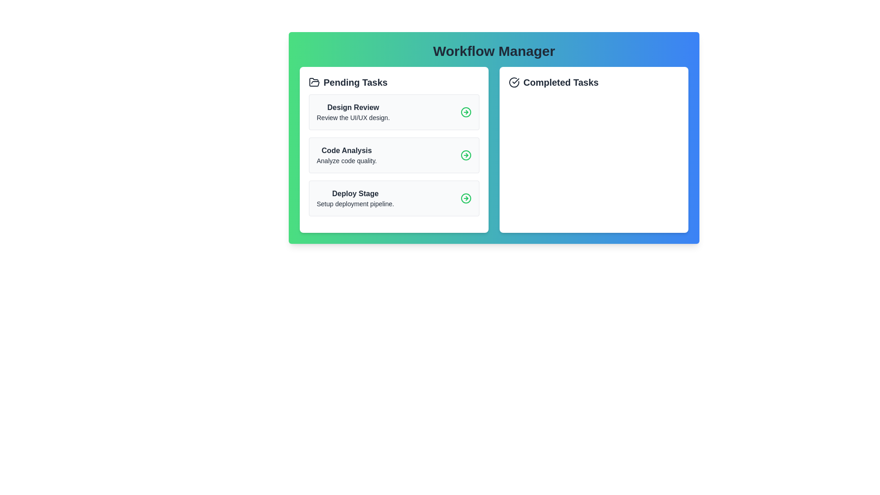 The image size is (880, 495). Describe the element at coordinates (466, 112) in the screenshot. I see `the right-pointing arrow icon button enclosed within a green circle in the 'Design Review' task card` at that location.